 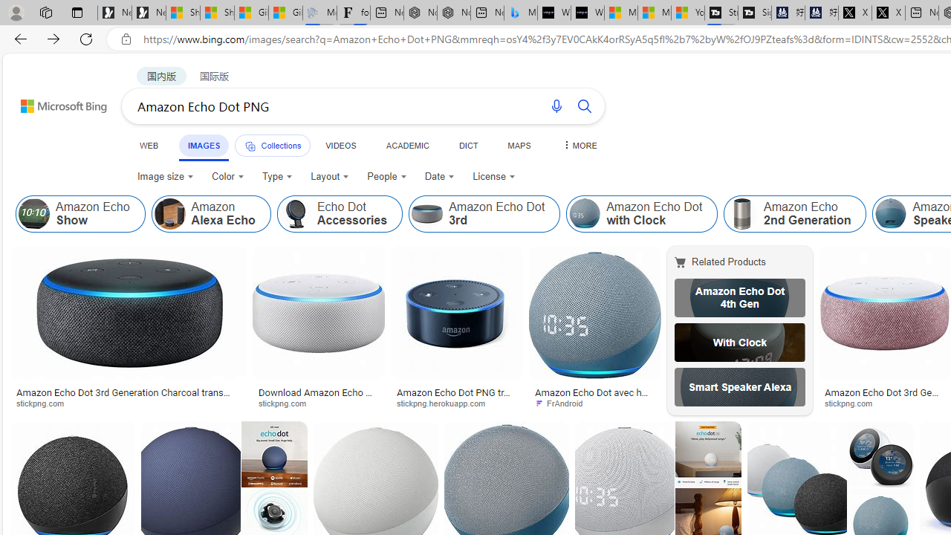 What do you see at coordinates (407, 145) in the screenshot?
I see `'ACADEMIC'` at bounding box center [407, 145].